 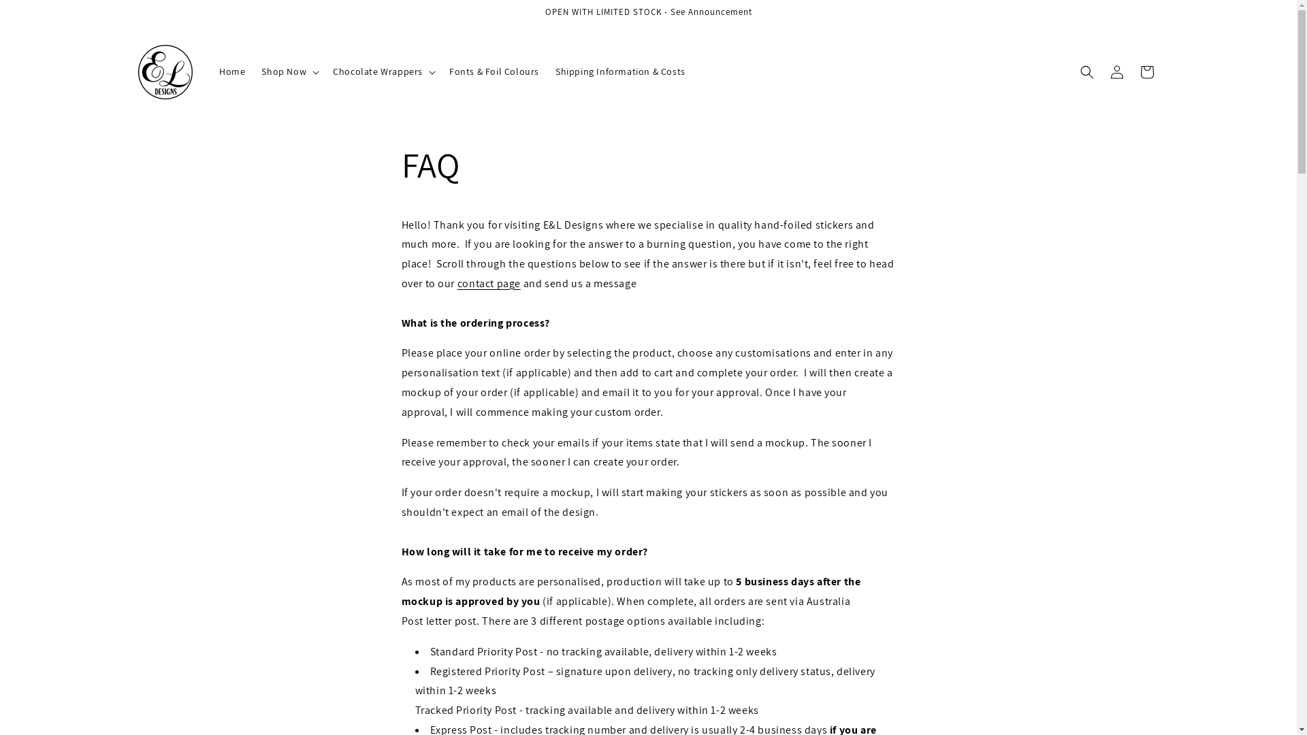 What do you see at coordinates (619, 71) in the screenshot?
I see `'Shipping Information & Costs'` at bounding box center [619, 71].